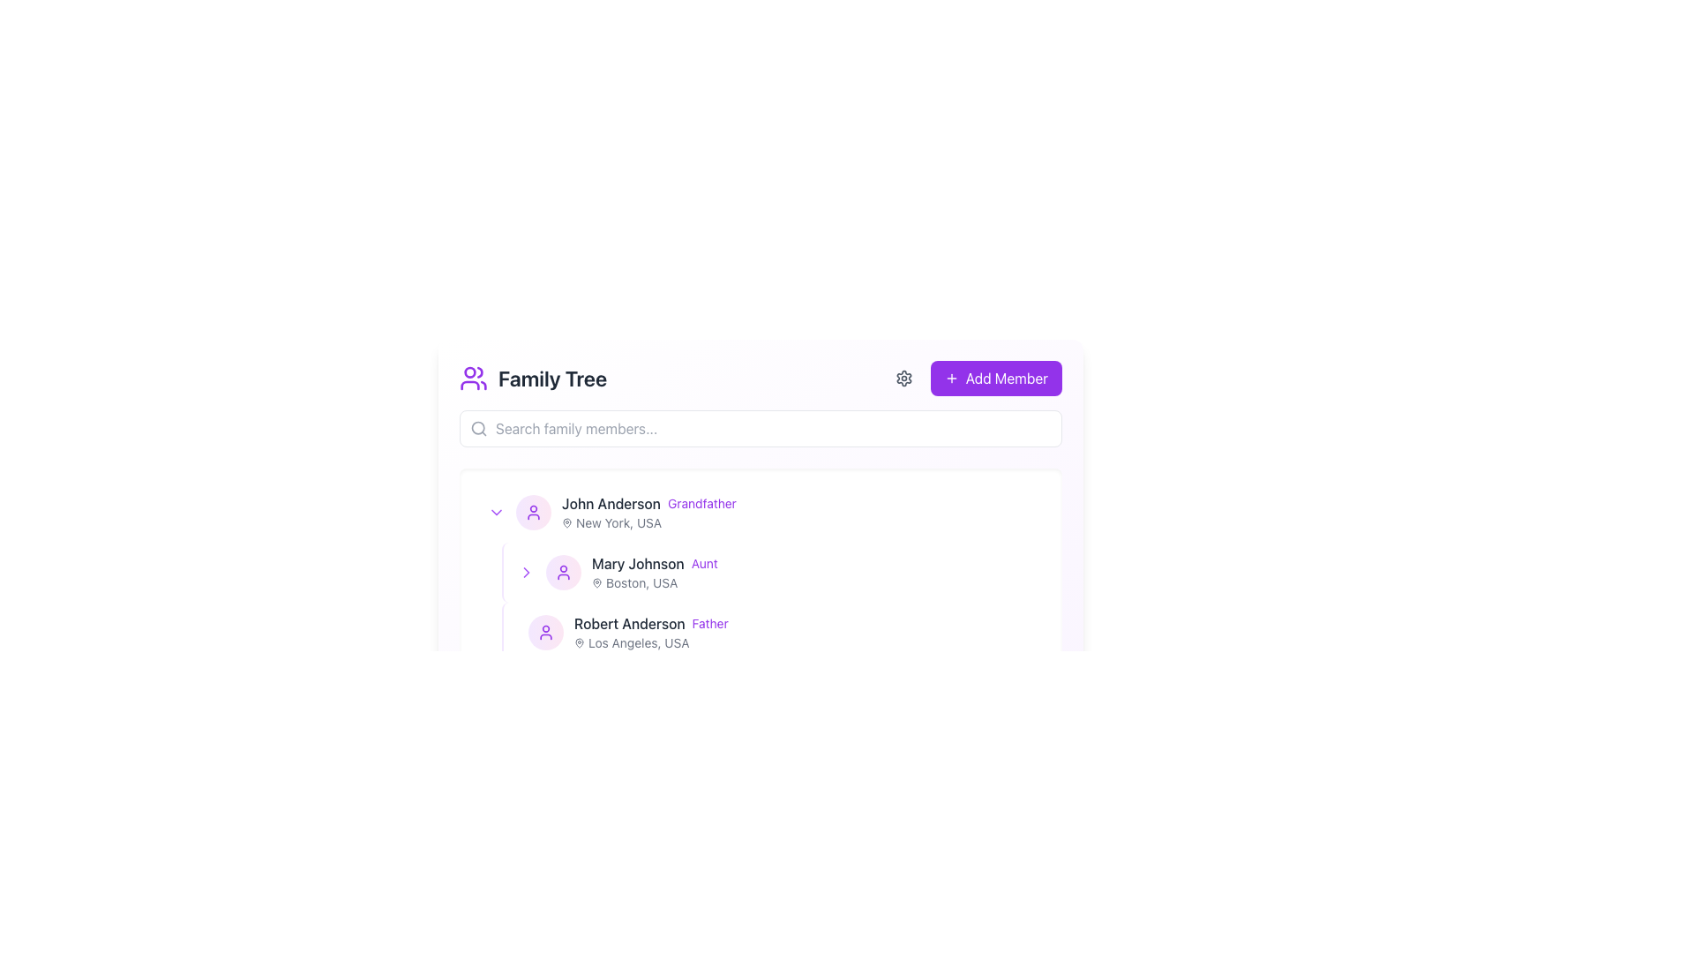 Image resolution: width=1694 pixels, height=953 pixels. What do you see at coordinates (903, 377) in the screenshot?
I see `the settings icon located at the top-right corner of the interface, adjacent to the purple 'Add Member' button` at bounding box center [903, 377].